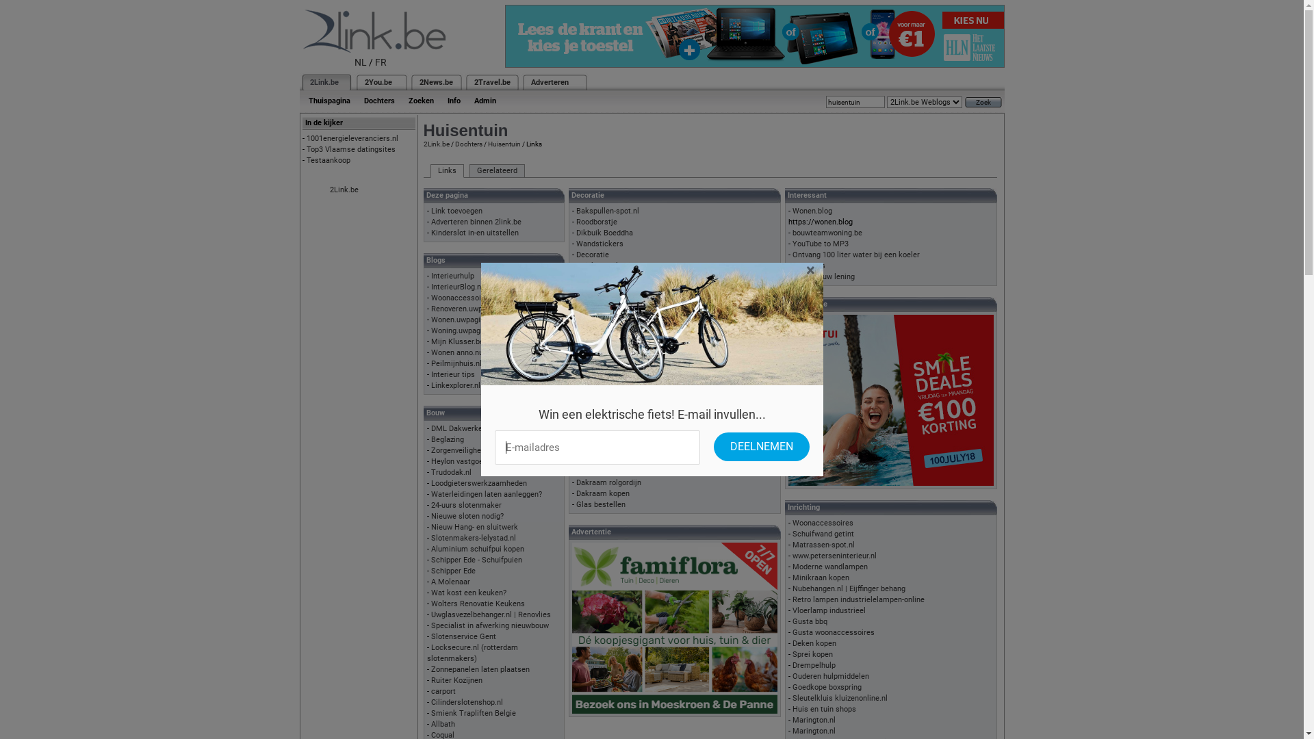  Describe the element at coordinates (496, 170) in the screenshot. I see `'Gerelateerd'` at that location.